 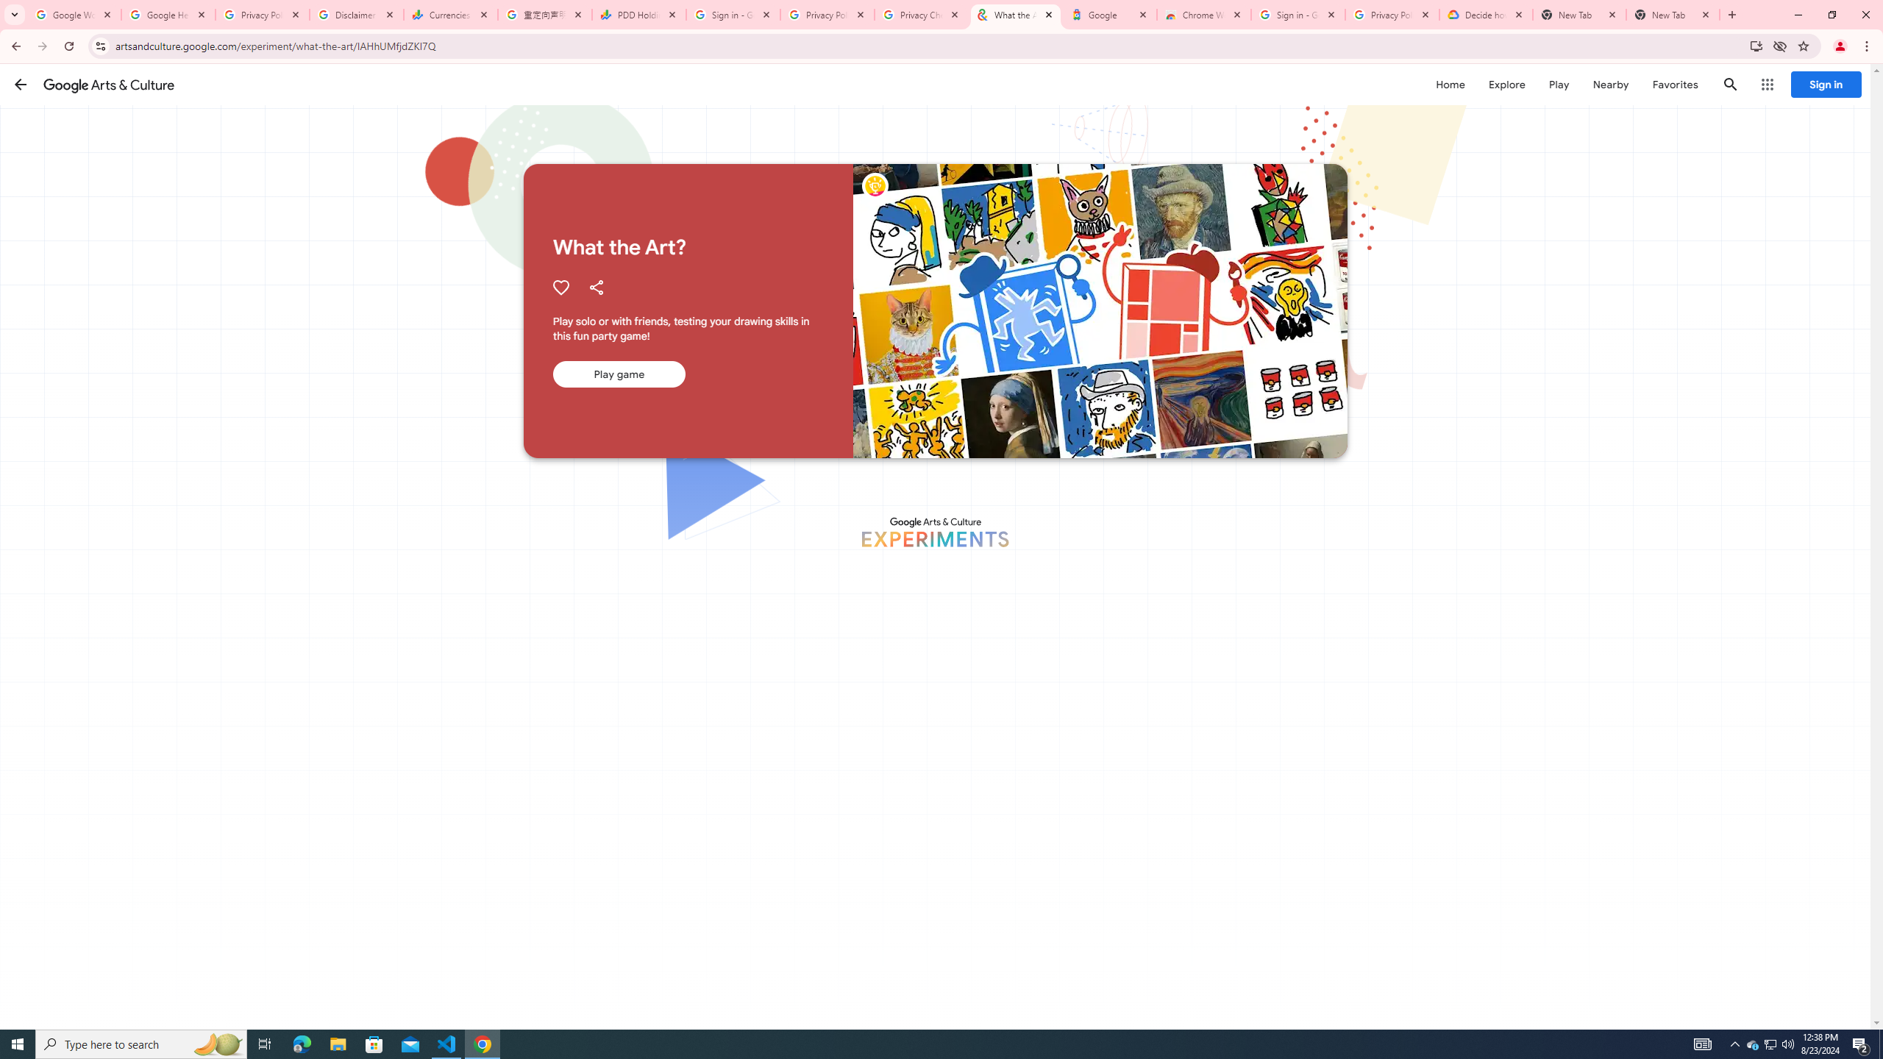 I want to click on 'Authenticate to favorite this asset.', so click(x=560, y=287).